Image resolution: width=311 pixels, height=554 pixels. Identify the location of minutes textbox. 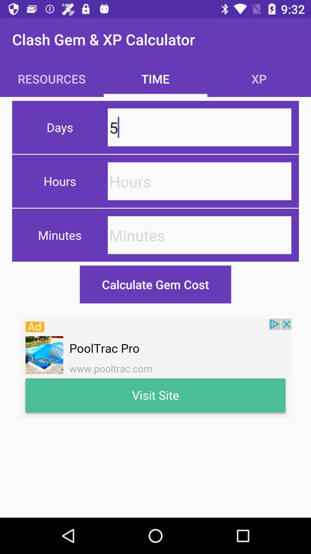
(199, 235).